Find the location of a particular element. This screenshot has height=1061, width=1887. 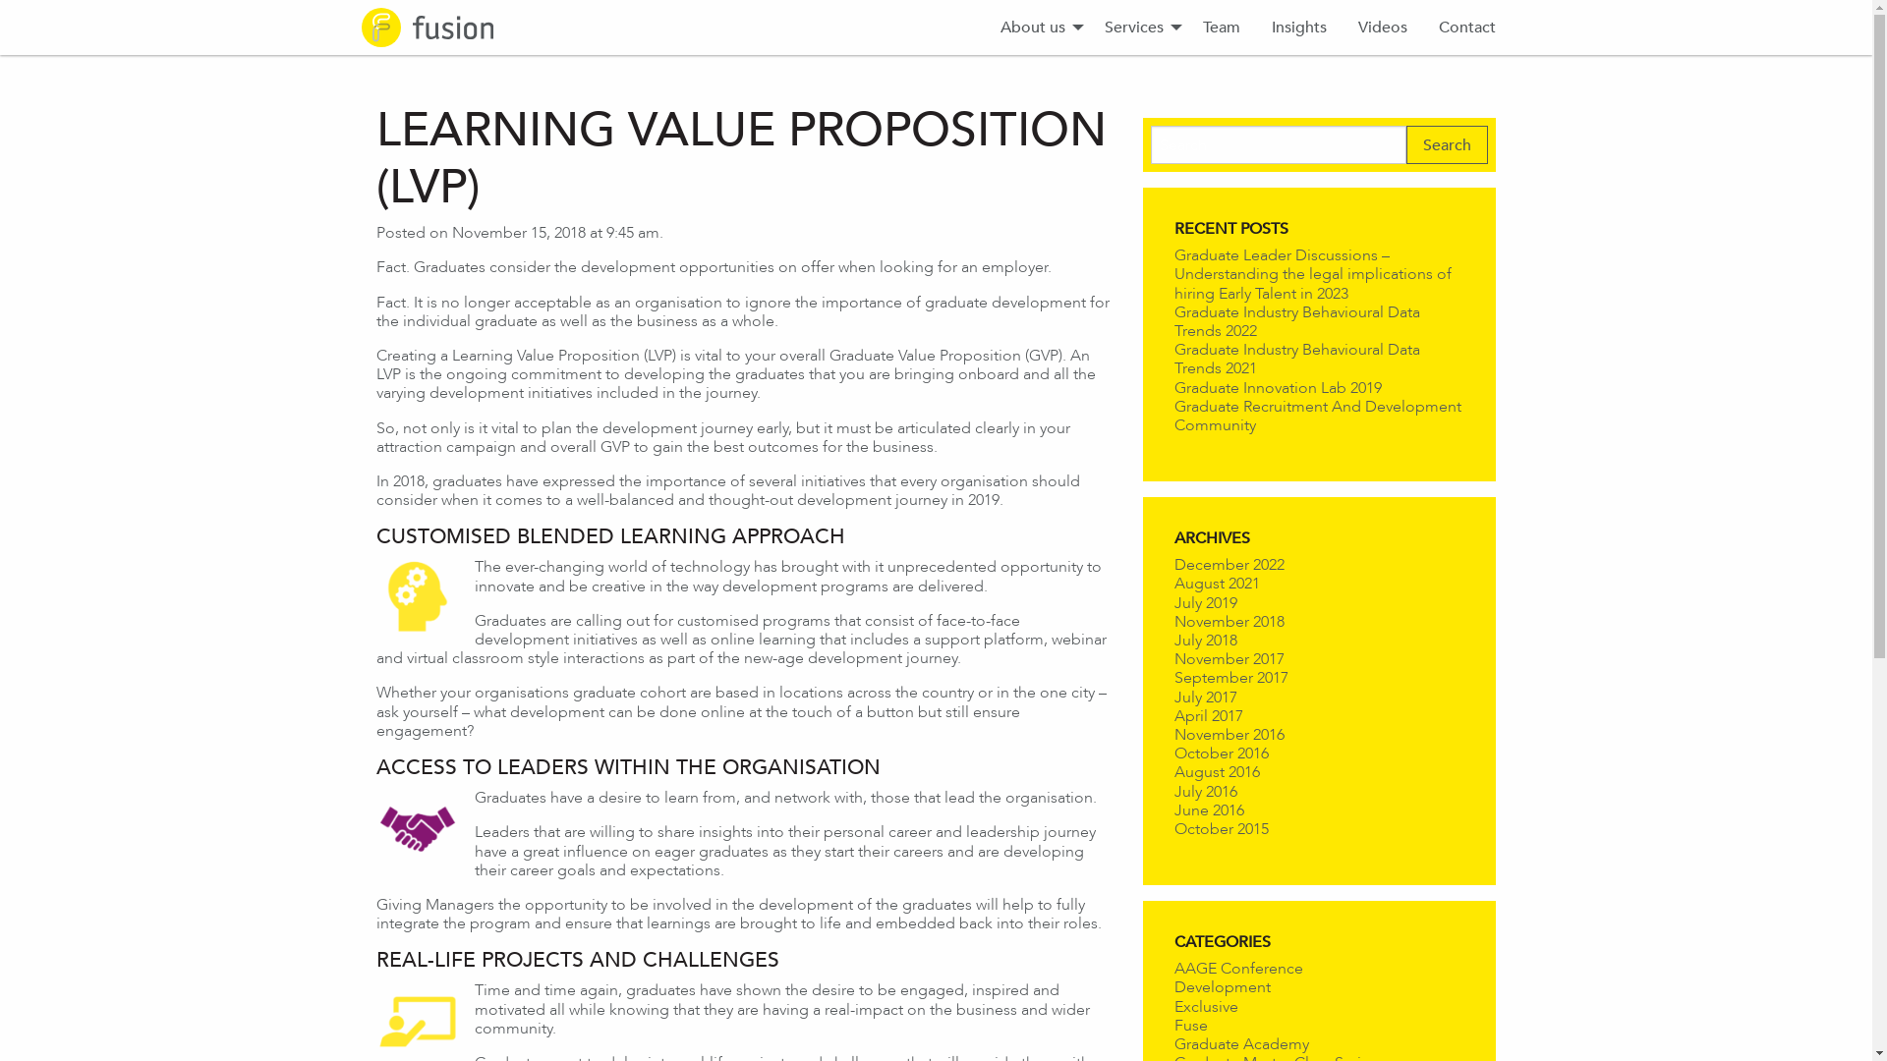

'November 2016' is located at coordinates (1227, 734).